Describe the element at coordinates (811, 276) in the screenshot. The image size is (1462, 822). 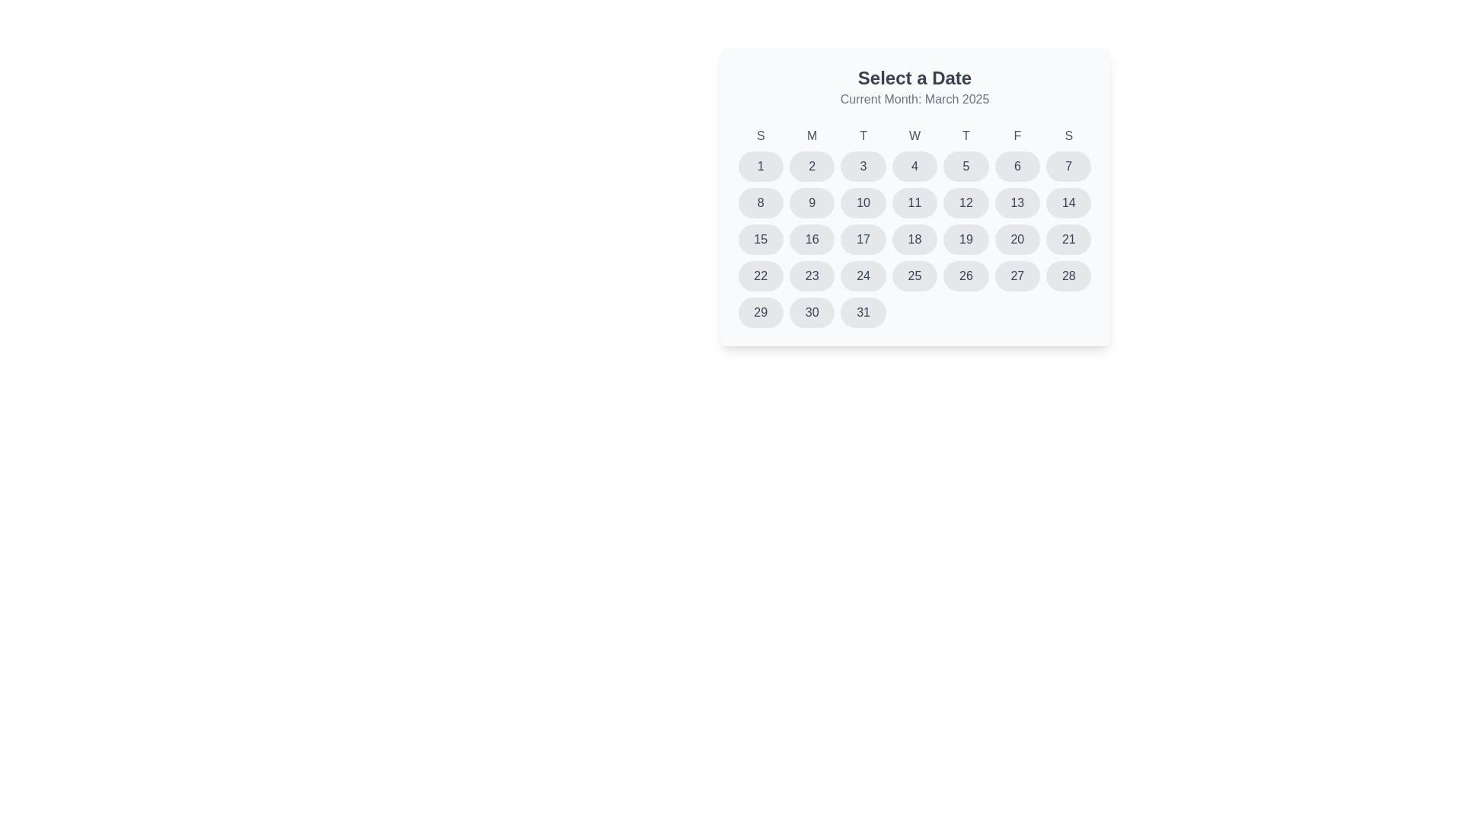
I see `the button representing the 23rd day in the date picker interface` at that location.